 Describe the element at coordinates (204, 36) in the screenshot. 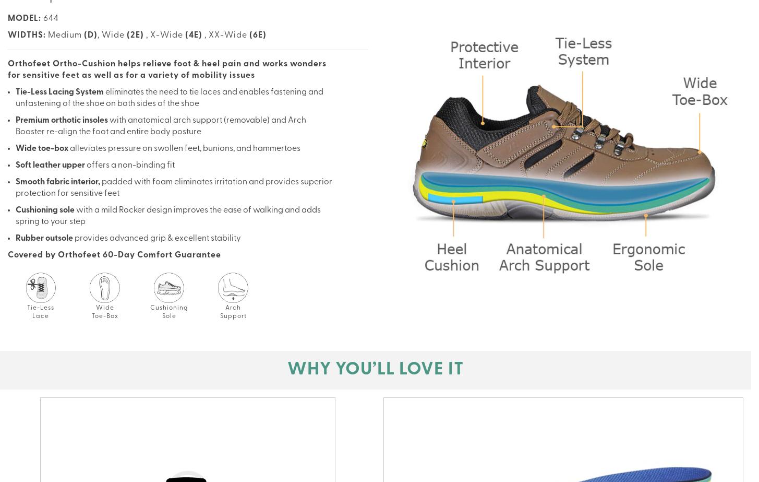

I see `', XX-Wide'` at that location.